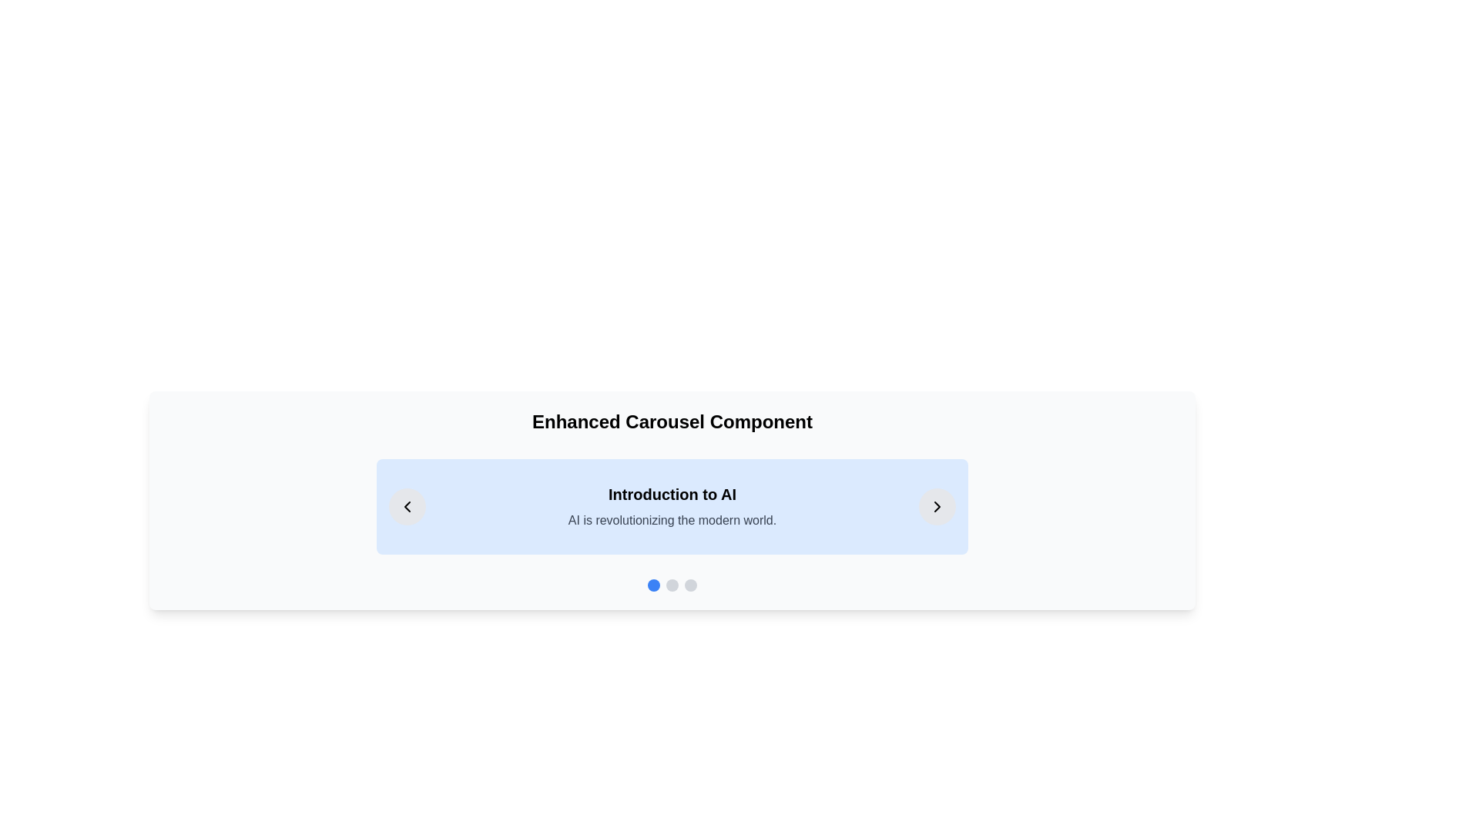 The image size is (1479, 832). What do you see at coordinates (672, 507) in the screenshot?
I see `the Carousel item with the text 'Introduction to AI' that has a light blue background and rounded corners, located in the middle of the 'Enhanced Carousel Component'` at bounding box center [672, 507].